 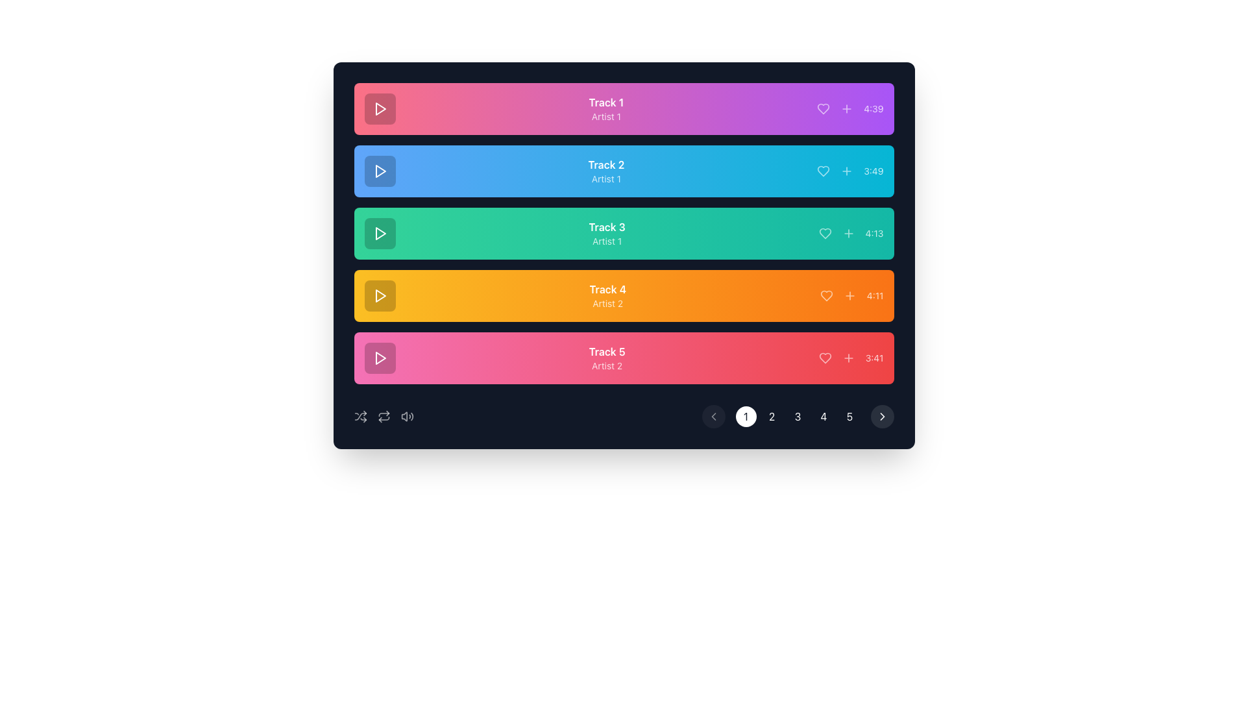 What do you see at coordinates (383, 416) in the screenshot?
I see `the repeat toggle button located in the bottom-left corner of the interface, situated to the right of the shuffle icon and to the left of the volume control icon` at bounding box center [383, 416].